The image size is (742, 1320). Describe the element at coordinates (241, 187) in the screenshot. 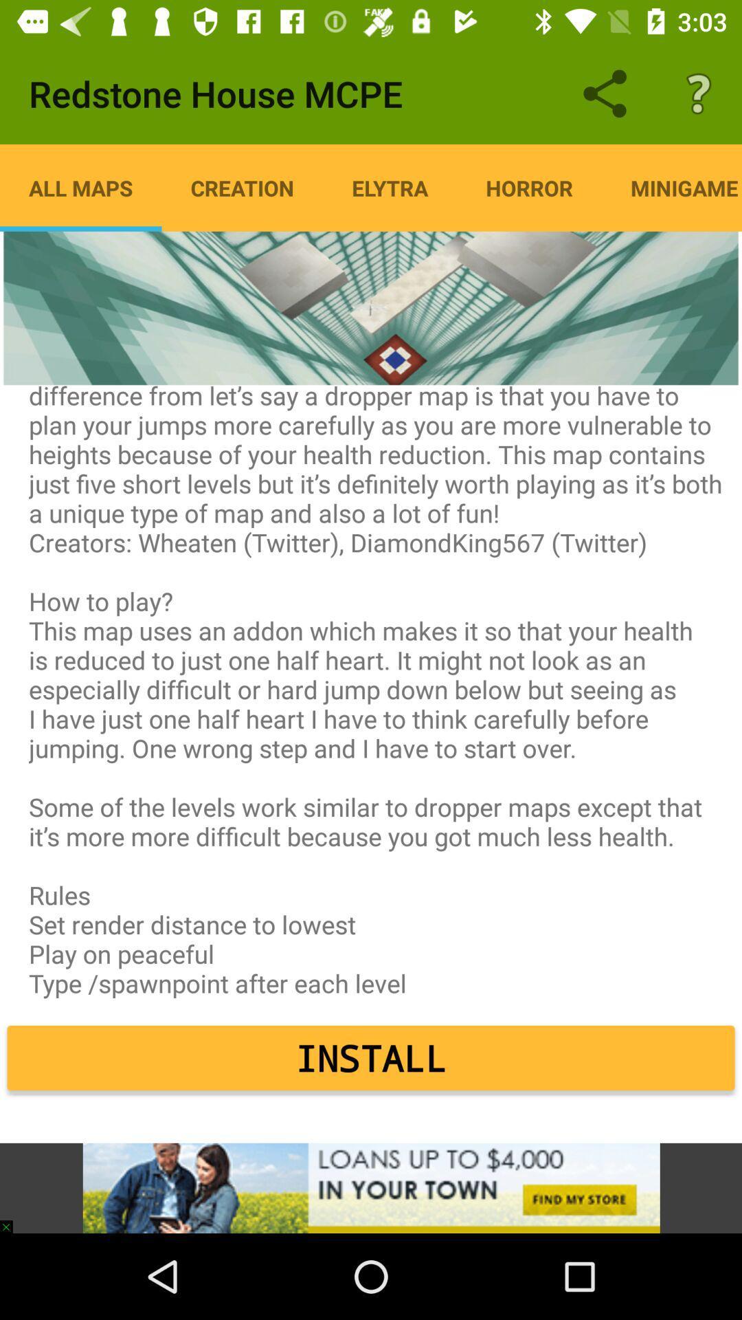

I see `the icon next to the all maps` at that location.